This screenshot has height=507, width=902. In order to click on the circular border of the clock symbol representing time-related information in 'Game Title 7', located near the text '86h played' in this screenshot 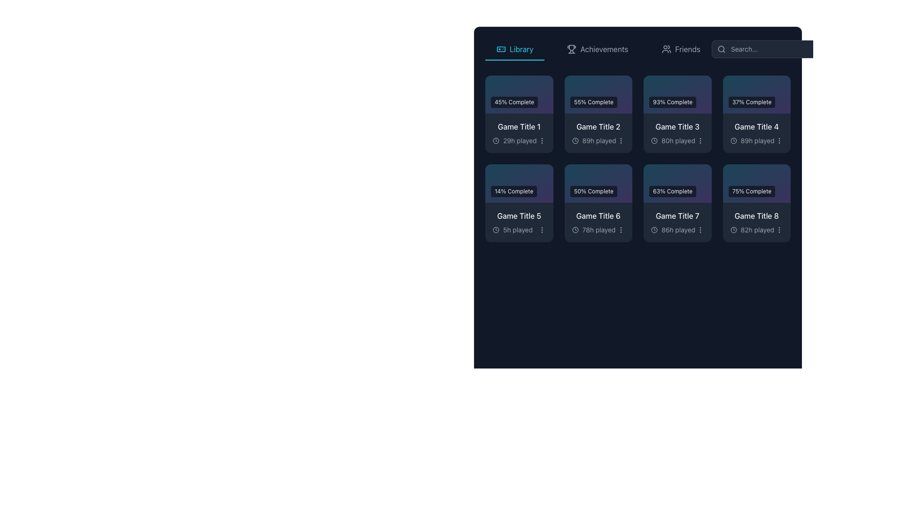, I will do `click(653, 230)`.